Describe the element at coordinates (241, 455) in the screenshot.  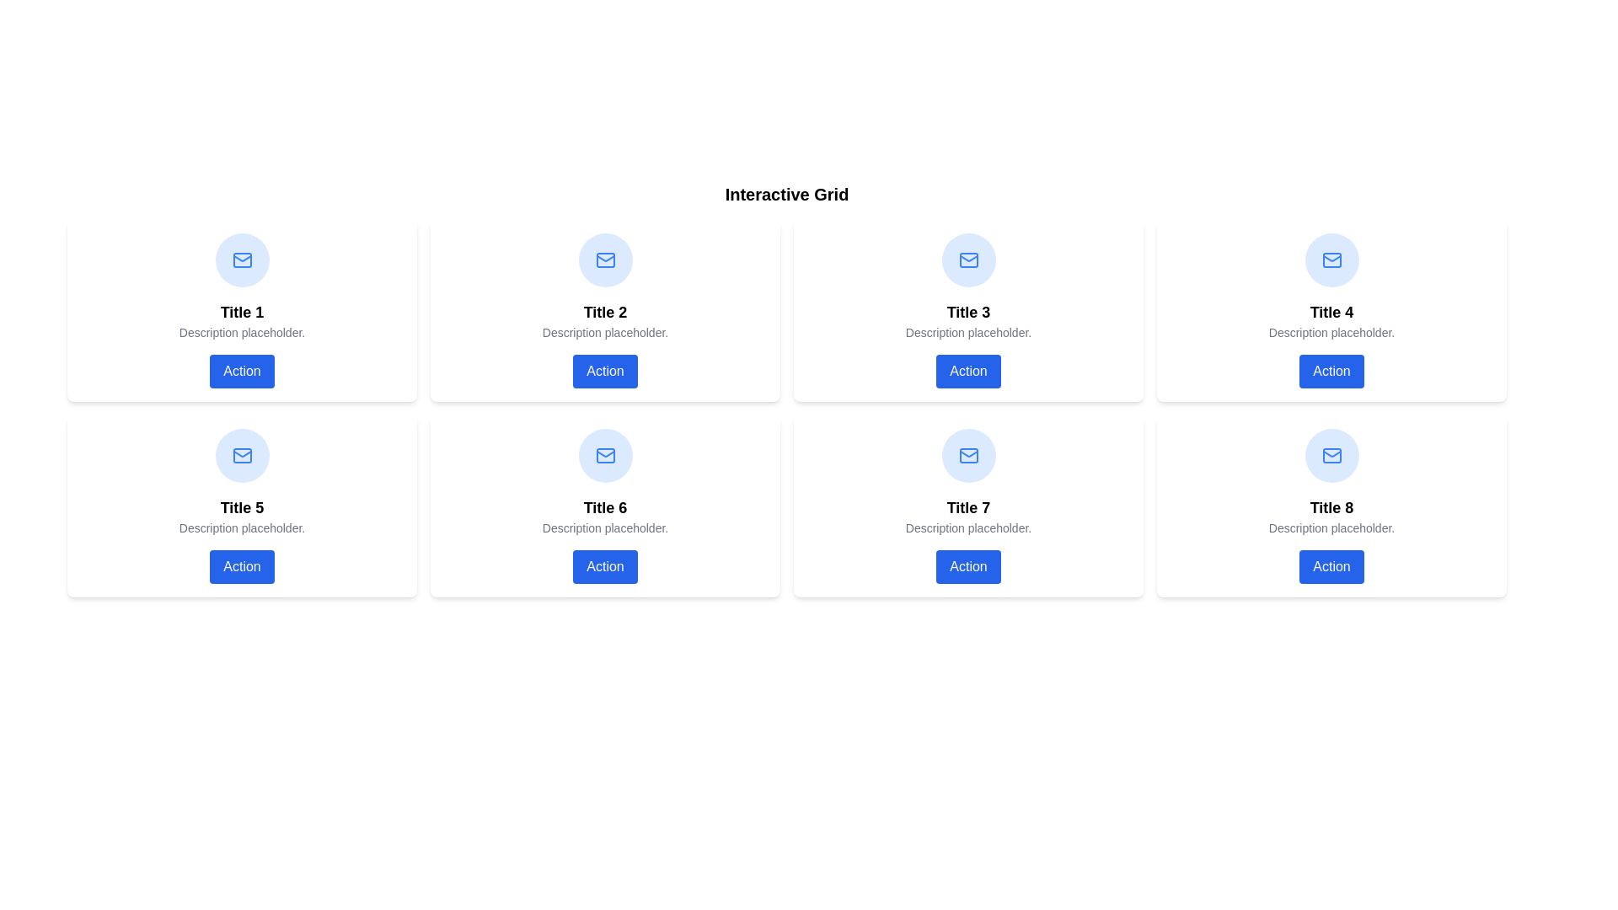
I see `the circular mail icon with a soft blue background located at the top center of the card labeled 'Title 5' and 'Description placeholder.'` at that location.